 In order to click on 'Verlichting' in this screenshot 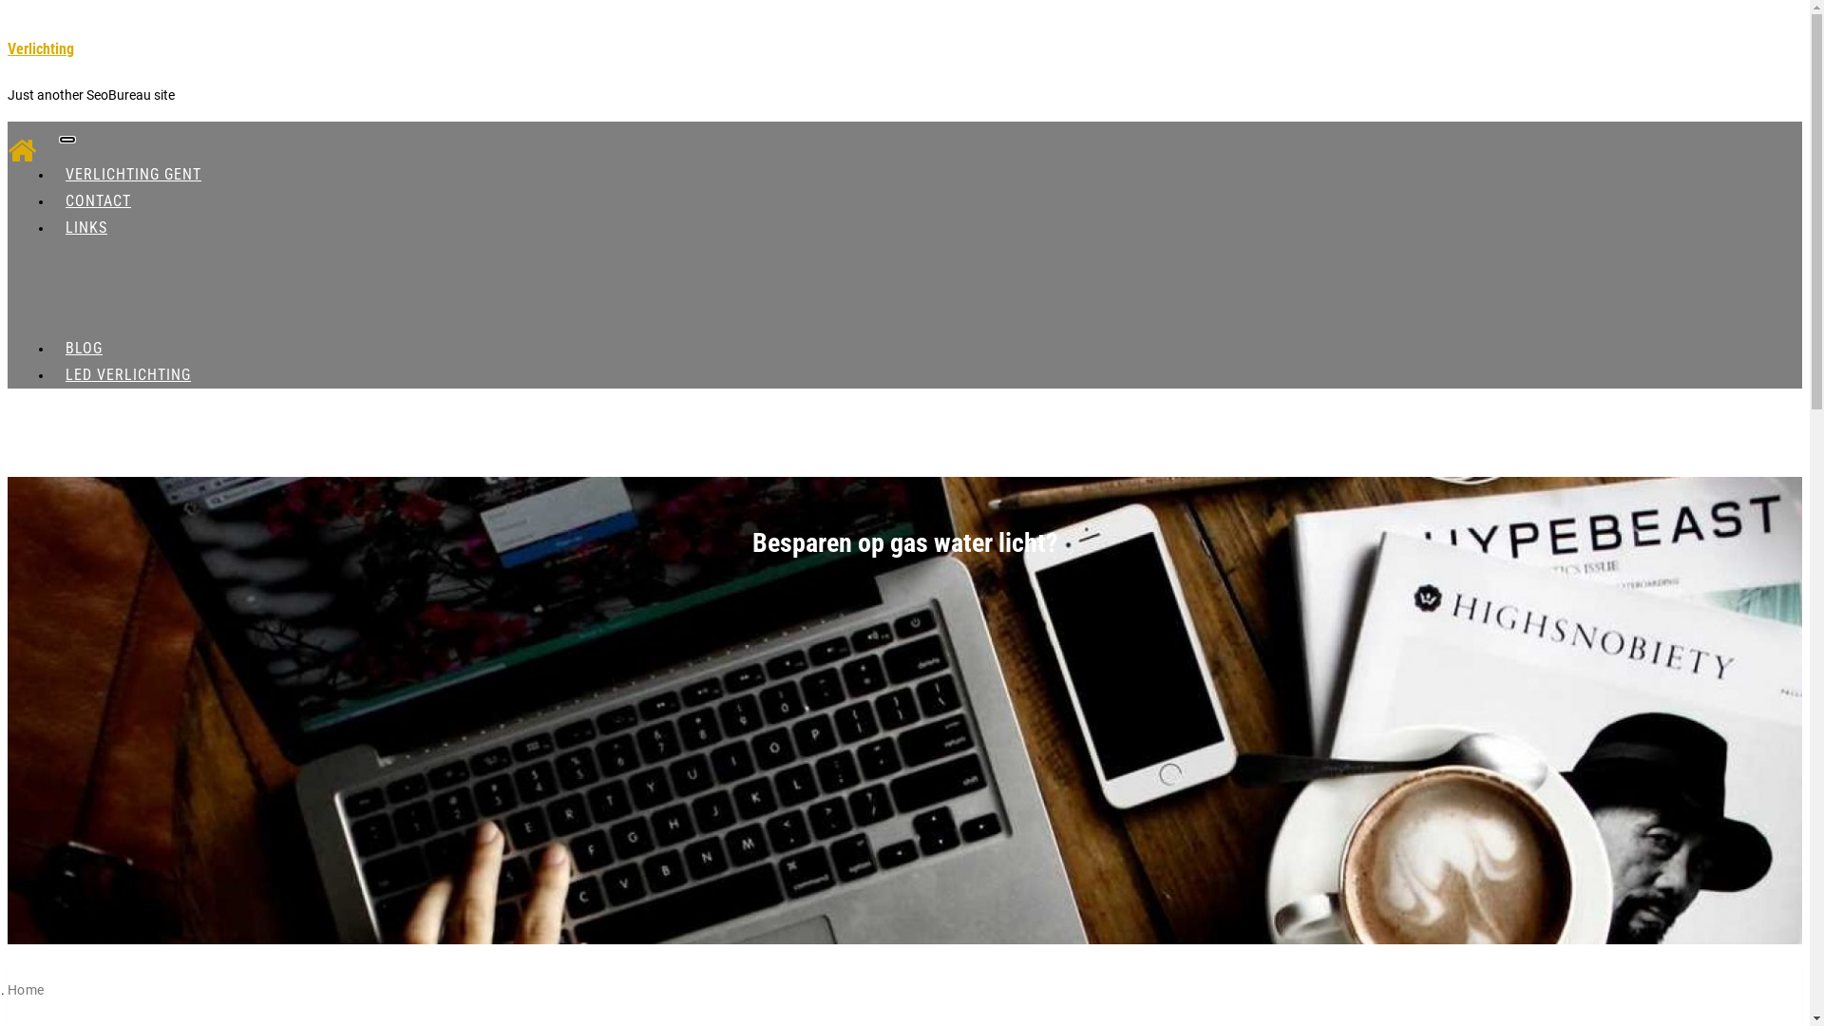, I will do `click(41, 47)`.